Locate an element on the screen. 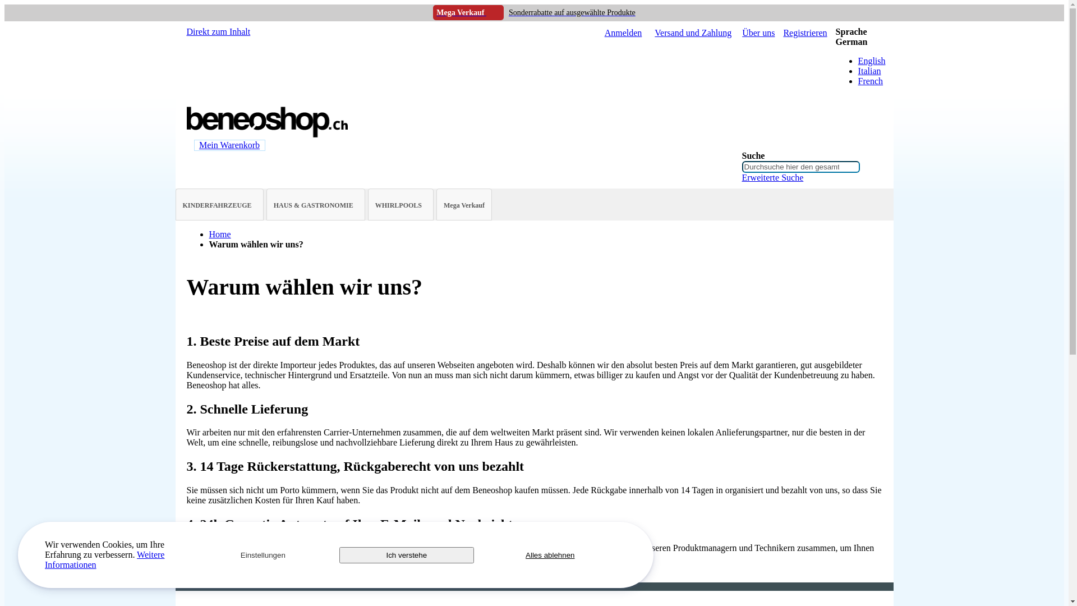 This screenshot has height=606, width=1077. 'KINDERFAHRZEUGE' is located at coordinates (219, 205).